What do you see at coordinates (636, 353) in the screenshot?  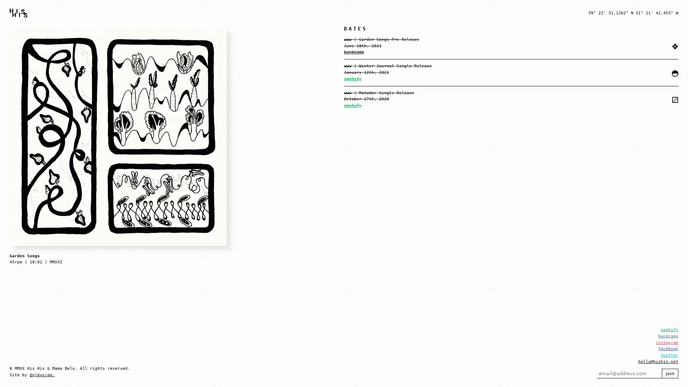 I see `join` at bounding box center [636, 353].